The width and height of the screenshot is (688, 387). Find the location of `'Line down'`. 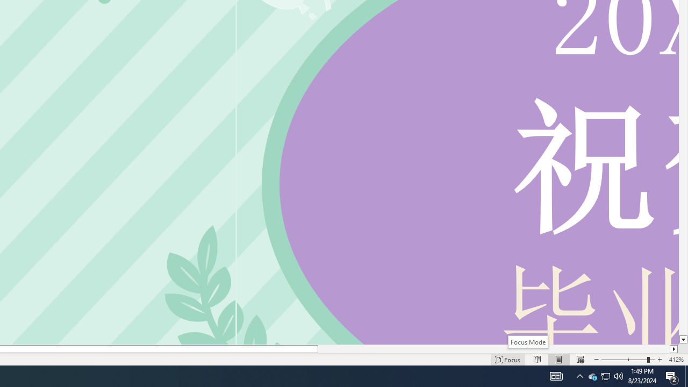

'Line down' is located at coordinates (683, 340).